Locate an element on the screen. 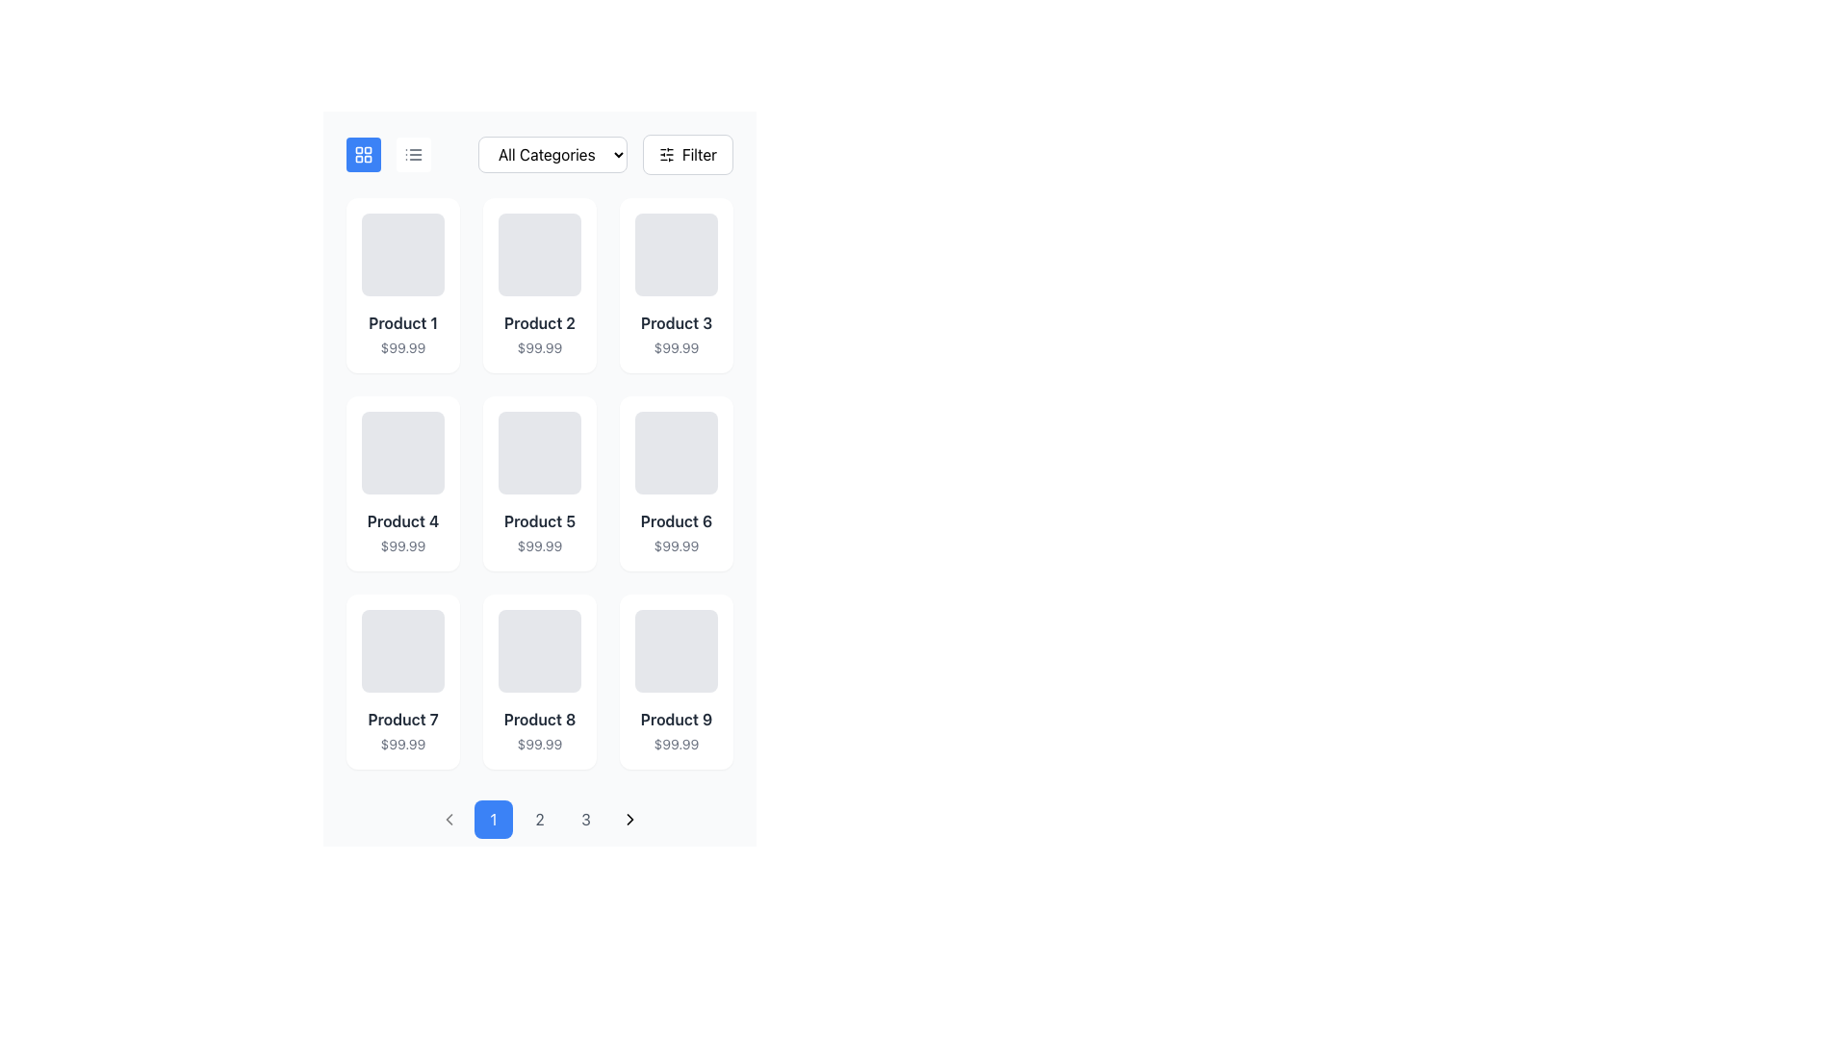 The image size is (1848, 1039). the price text label located beneath the title 'Product 3' in the grid layout of products is located at coordinates (676, 348).